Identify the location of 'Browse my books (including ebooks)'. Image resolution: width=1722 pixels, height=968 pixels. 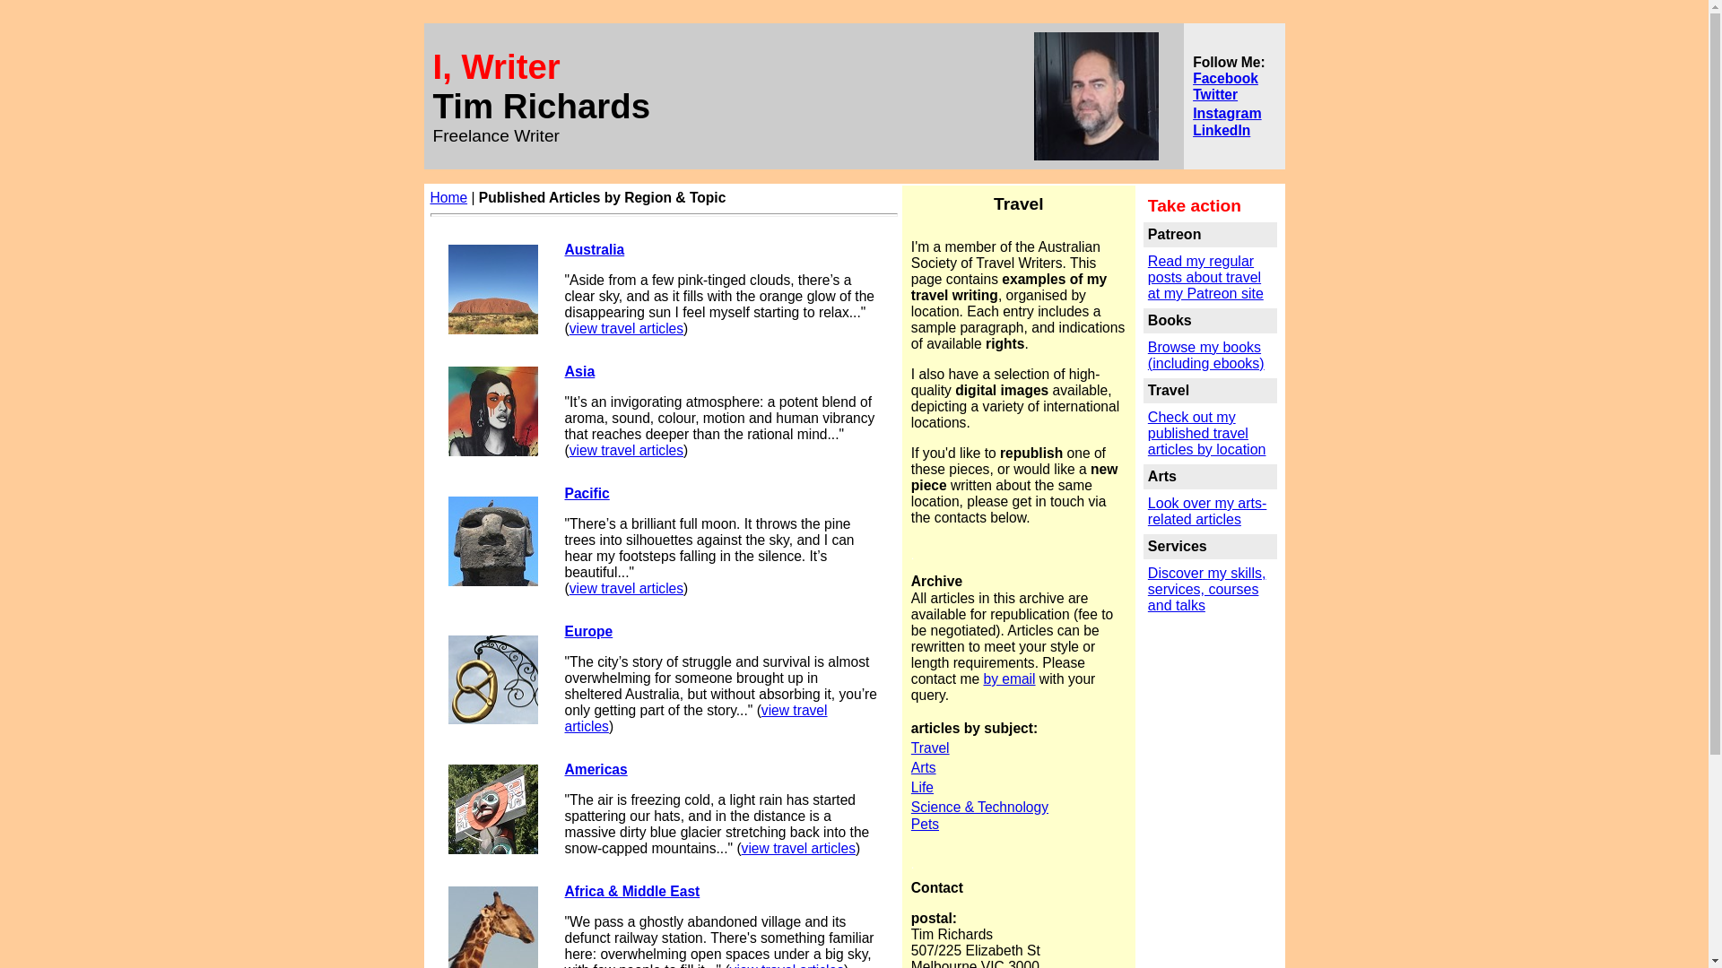
(1205, 356).